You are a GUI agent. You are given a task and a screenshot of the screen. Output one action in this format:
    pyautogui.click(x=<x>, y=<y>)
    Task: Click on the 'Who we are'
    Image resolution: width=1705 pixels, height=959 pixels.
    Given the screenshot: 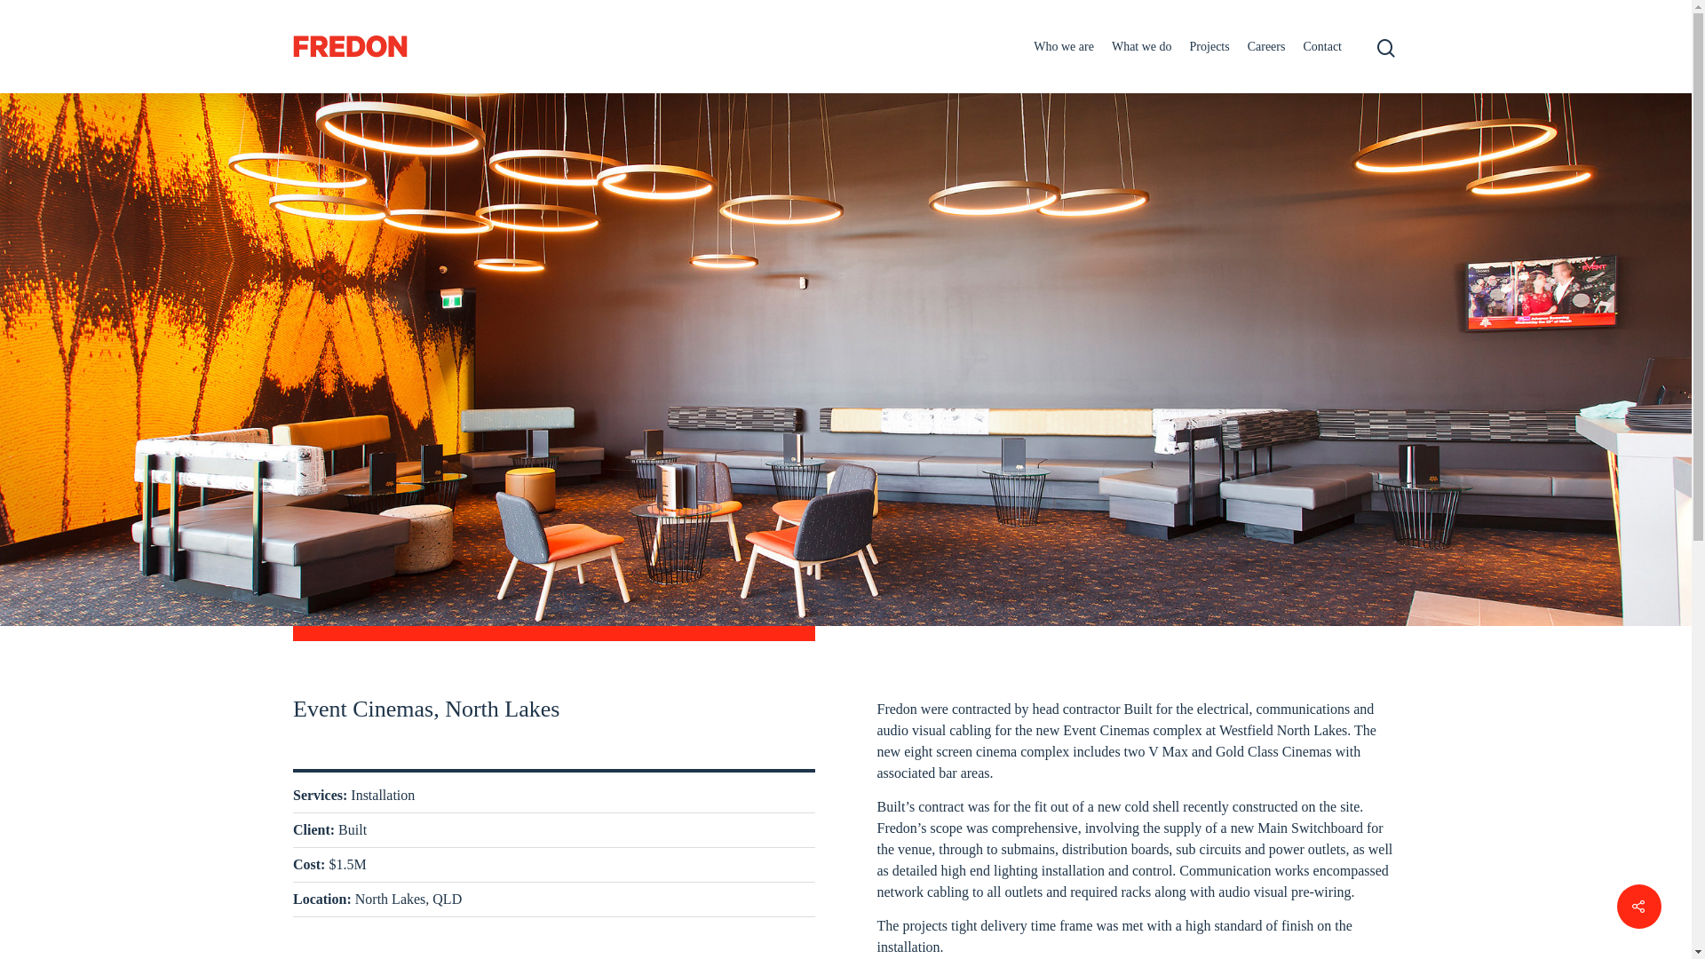 What is the action you would take?
    pyautogui.click(x=1064, y=44)
    